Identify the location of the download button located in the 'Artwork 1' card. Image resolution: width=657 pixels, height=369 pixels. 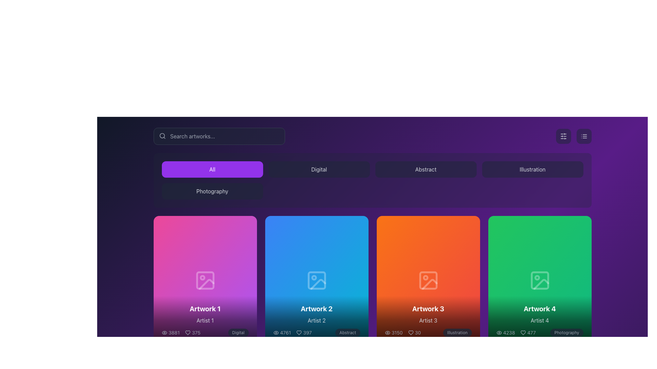
(205, 280).